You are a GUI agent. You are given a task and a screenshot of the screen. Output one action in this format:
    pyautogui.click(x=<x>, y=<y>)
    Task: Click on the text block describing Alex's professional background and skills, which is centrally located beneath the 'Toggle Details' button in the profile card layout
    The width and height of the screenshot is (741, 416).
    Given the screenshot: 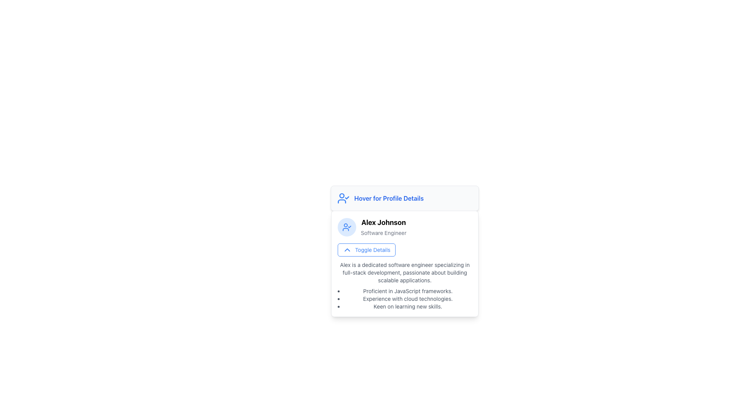 What is the action you would take?
    pyautogui.click(x=404, y=285)
    